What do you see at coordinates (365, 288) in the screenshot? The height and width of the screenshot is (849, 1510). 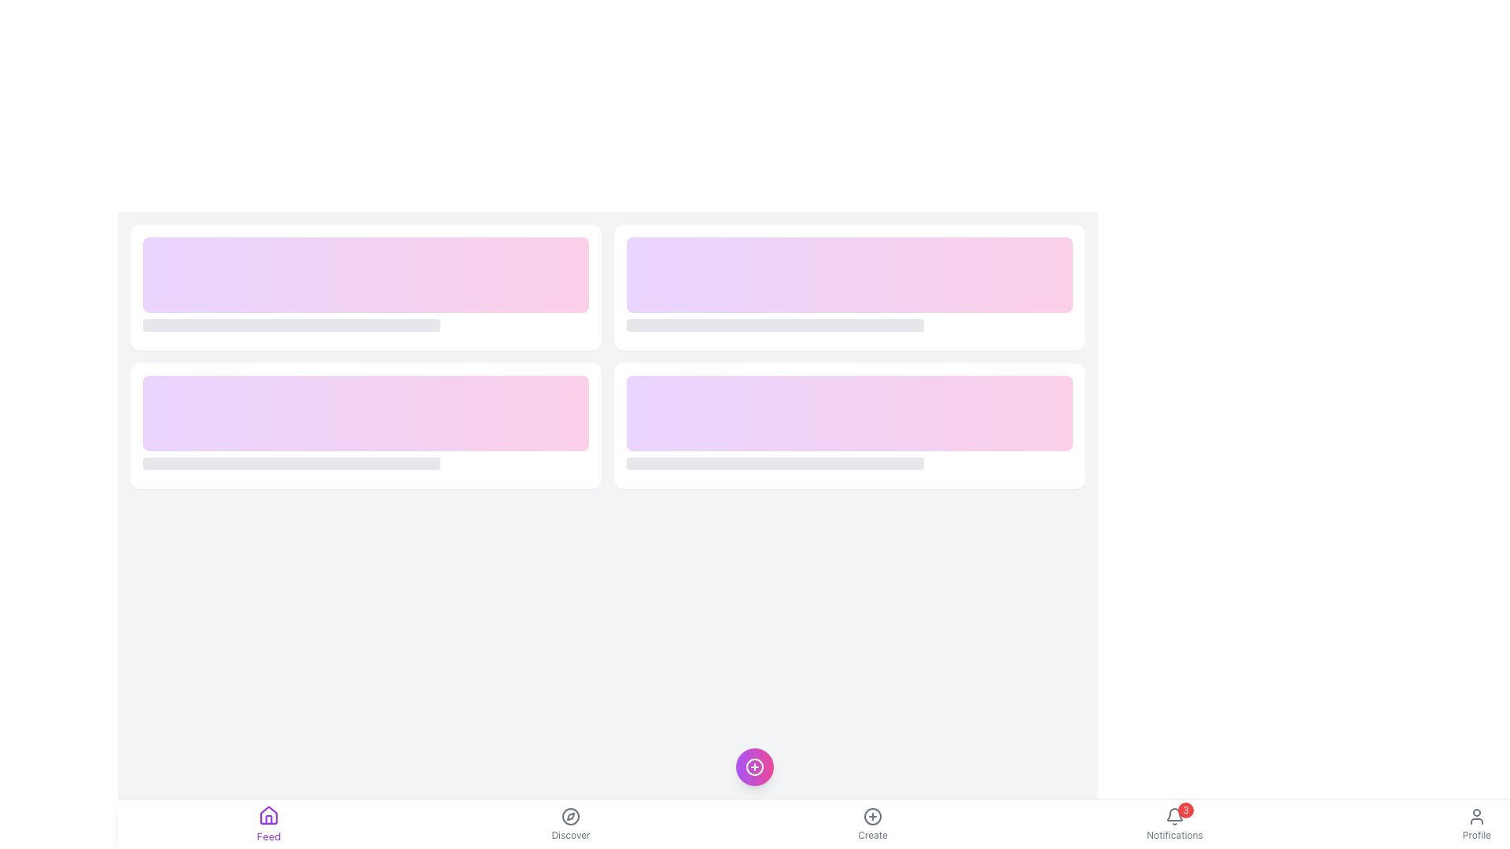 I see `the card element with a gradient background transitioning from purple to pink, which is the first item in a grid layout and features a shorter gray bar below` at bounding box center [365, 288].